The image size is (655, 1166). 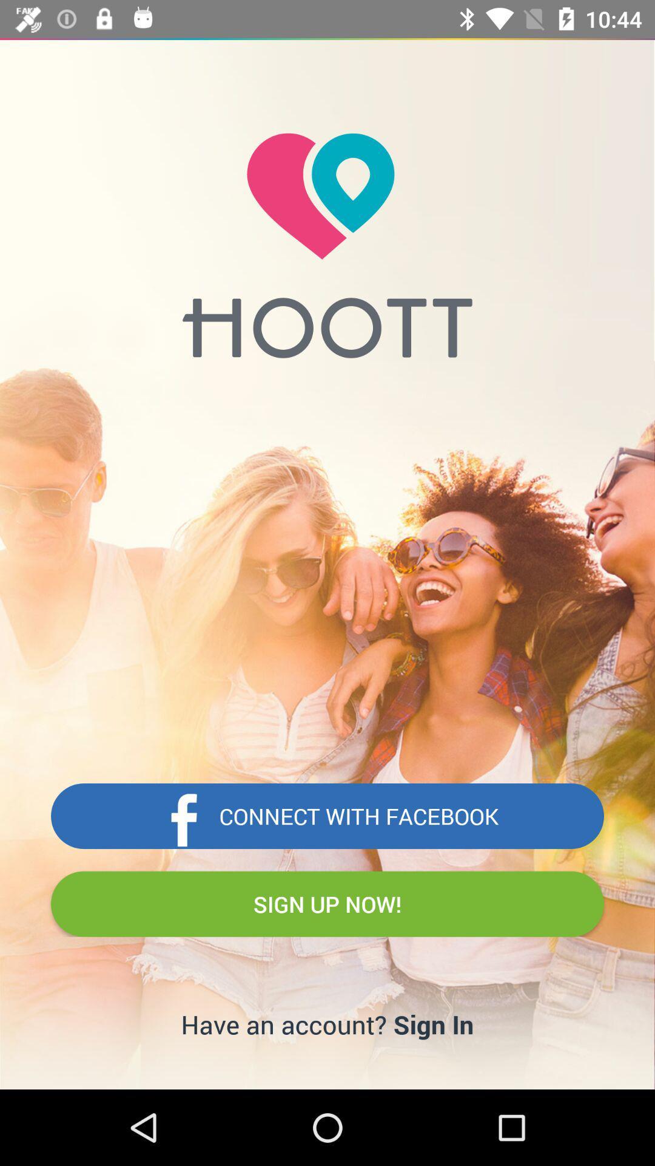 What do you see at coordinates (433, 1023) in the screenshot?
I see `sign in` at bounding box center [433, 1023].